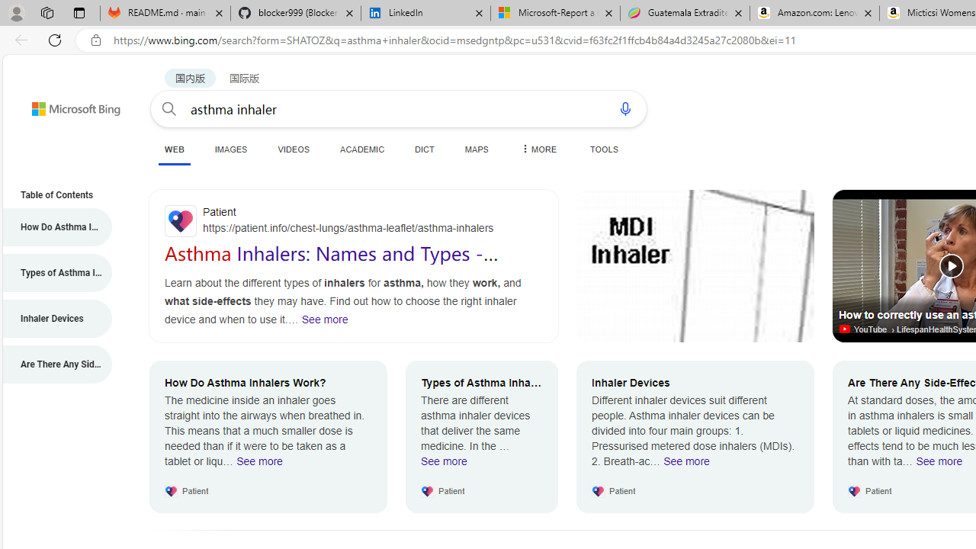 This screenshot has width=976, height=549. I want to click on 'MAPS', so click(476, 149).